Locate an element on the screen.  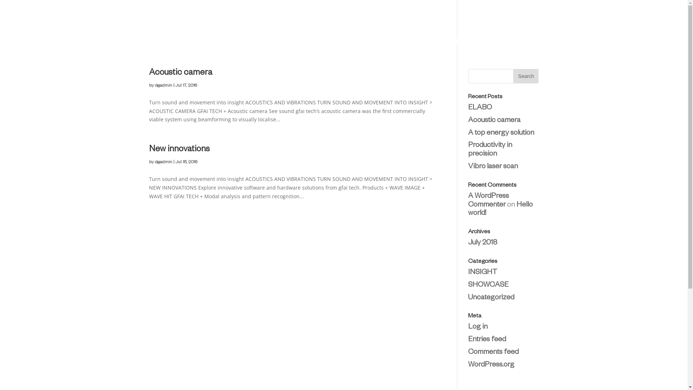
'Comments feed' is located at coordinates (493, 352).